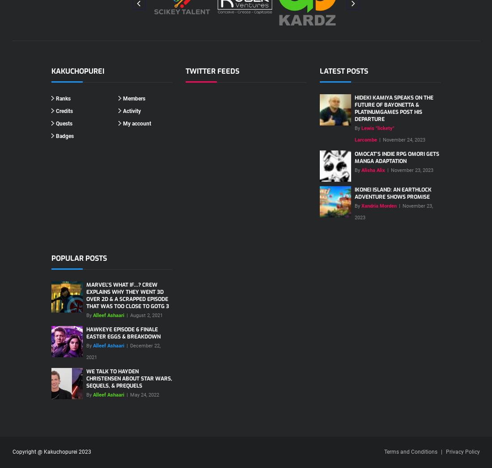 Image resolution: width=492 pixels, height=468 pixels. Describe the element at coordinates (404, 139) in the screenshot. I see `'November 24, 2023'` at that location.